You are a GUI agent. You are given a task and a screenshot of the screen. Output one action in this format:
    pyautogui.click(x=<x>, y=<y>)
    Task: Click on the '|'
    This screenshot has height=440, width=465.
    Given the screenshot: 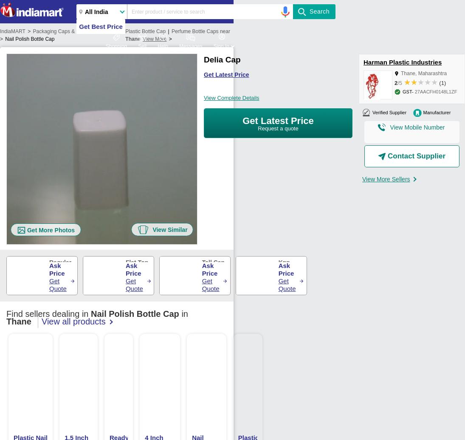 What is the action you would take?
    pyautogui.click(x=168, y=31)
    